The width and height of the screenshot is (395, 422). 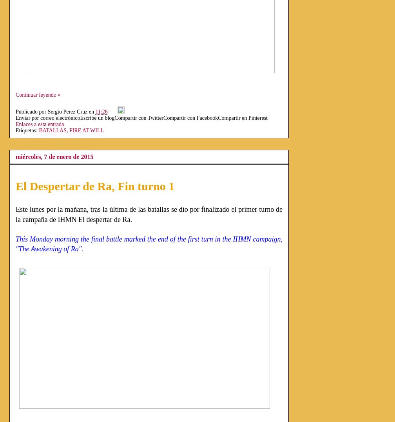 I want to click on 'Este lunes por la mañana, tras la última de las batallas se dio por finalizado el primer turno de la campaña de IHMN El despertar de Ra.', so click(x=149, y=214).